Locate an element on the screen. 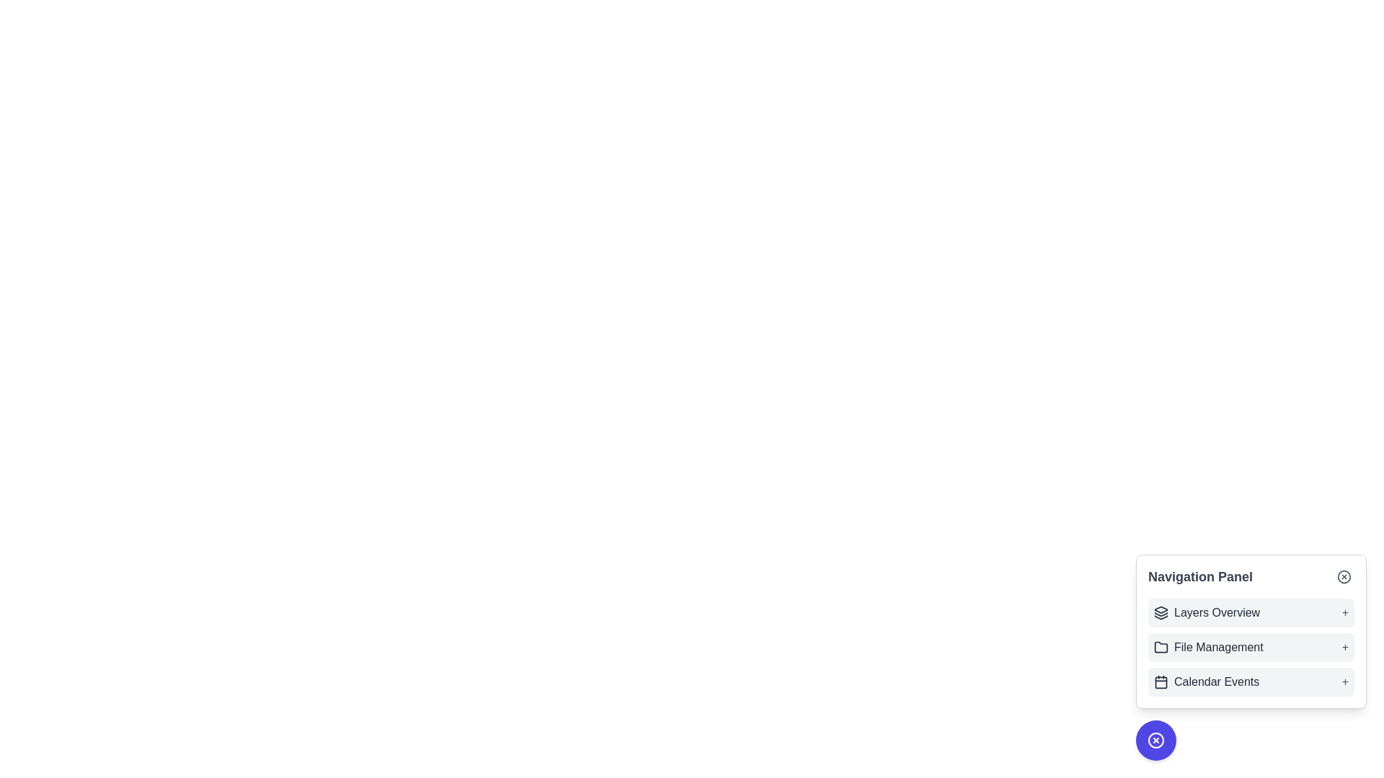 The image size is (1384, 778). the gray plus sign icon located in the Navigation Panel, which is positioned to the right of the Layers Overview text is located at coordinates (1344, 613).